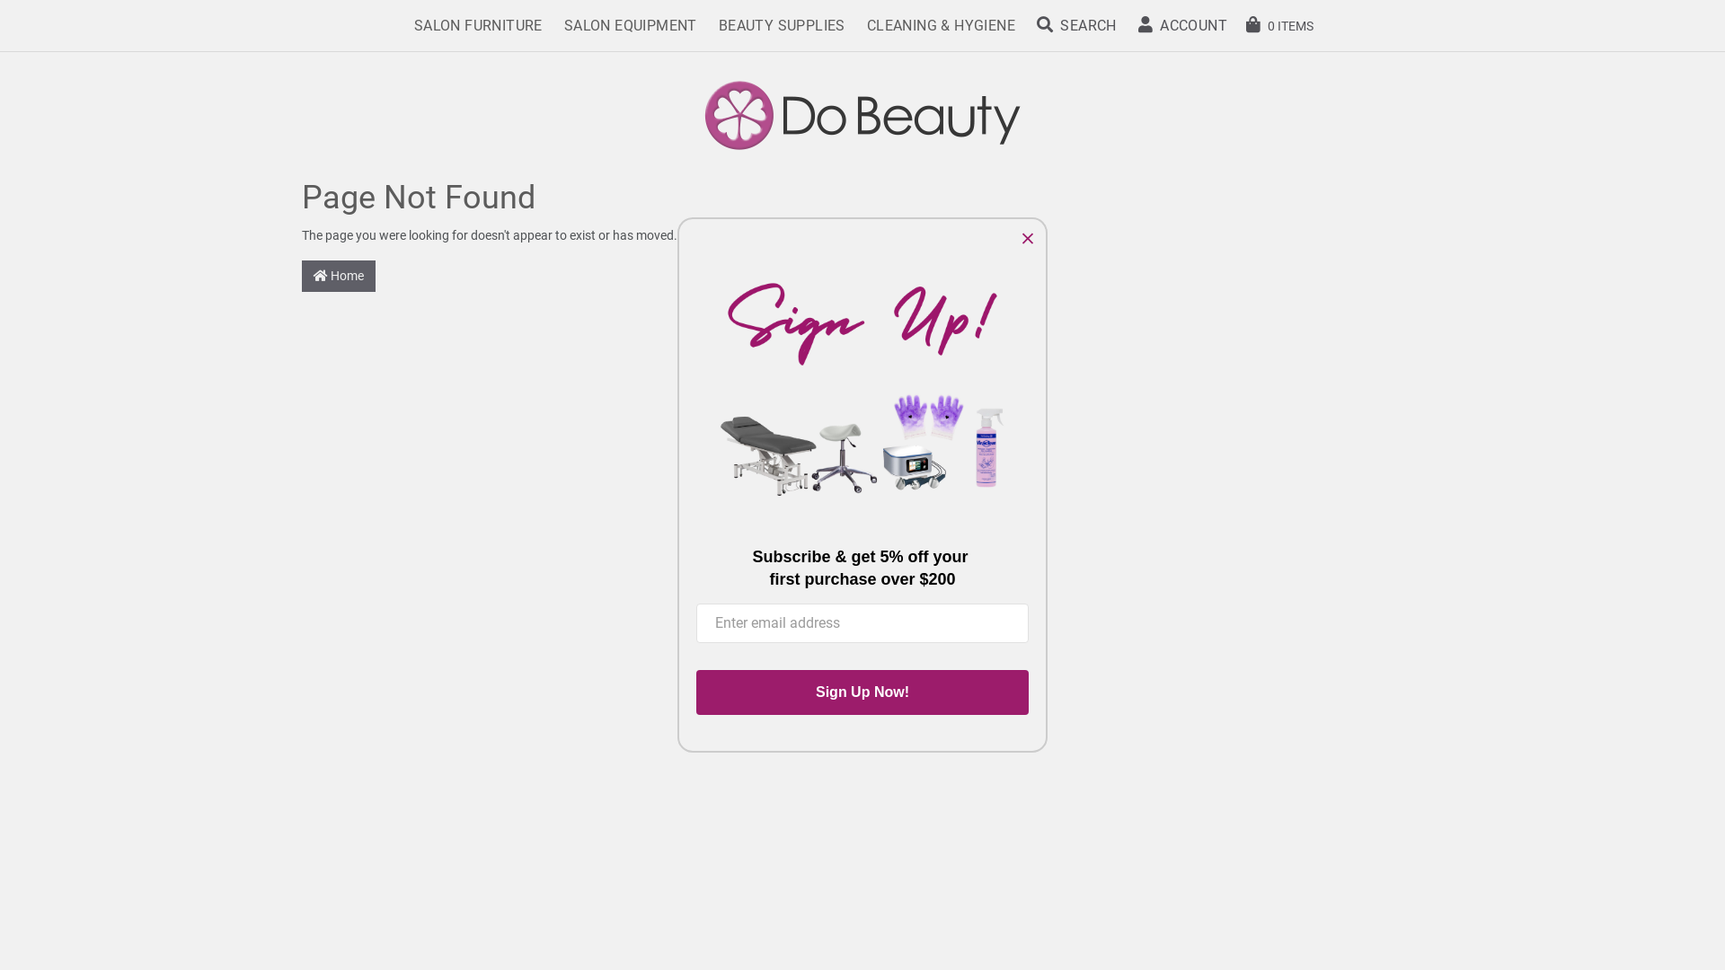  Describe the element at coordinates (630, 26) in the screenshot. I see `'SALON EQUIPMENT'` at that location.